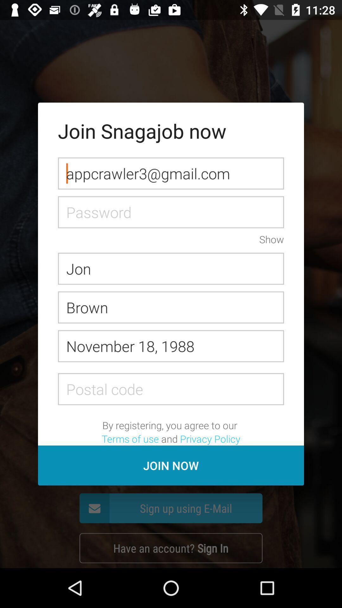 The height and width of the screenshot is (608, 342). What do you see at coordinates (171, 212) in the screenshot?
I see `password` at bounding box center [171, 212].